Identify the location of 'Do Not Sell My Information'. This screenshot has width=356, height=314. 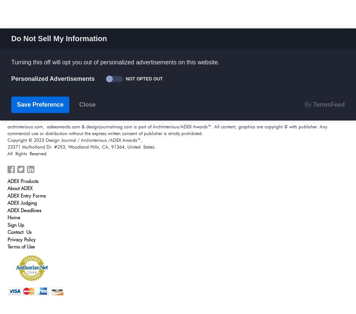
(59, 39).